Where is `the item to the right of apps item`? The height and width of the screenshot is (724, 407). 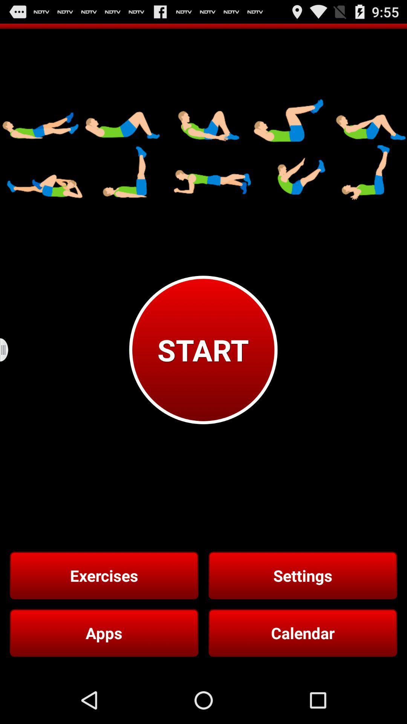 the item to the right of apps item is located at coordinates (302, 633).